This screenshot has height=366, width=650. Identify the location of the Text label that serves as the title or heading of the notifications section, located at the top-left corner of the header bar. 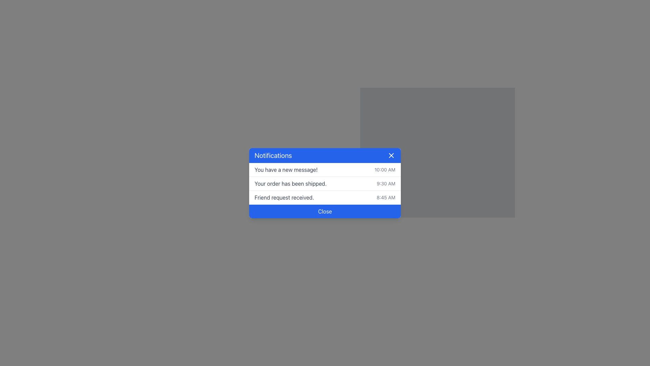
(273, 155).